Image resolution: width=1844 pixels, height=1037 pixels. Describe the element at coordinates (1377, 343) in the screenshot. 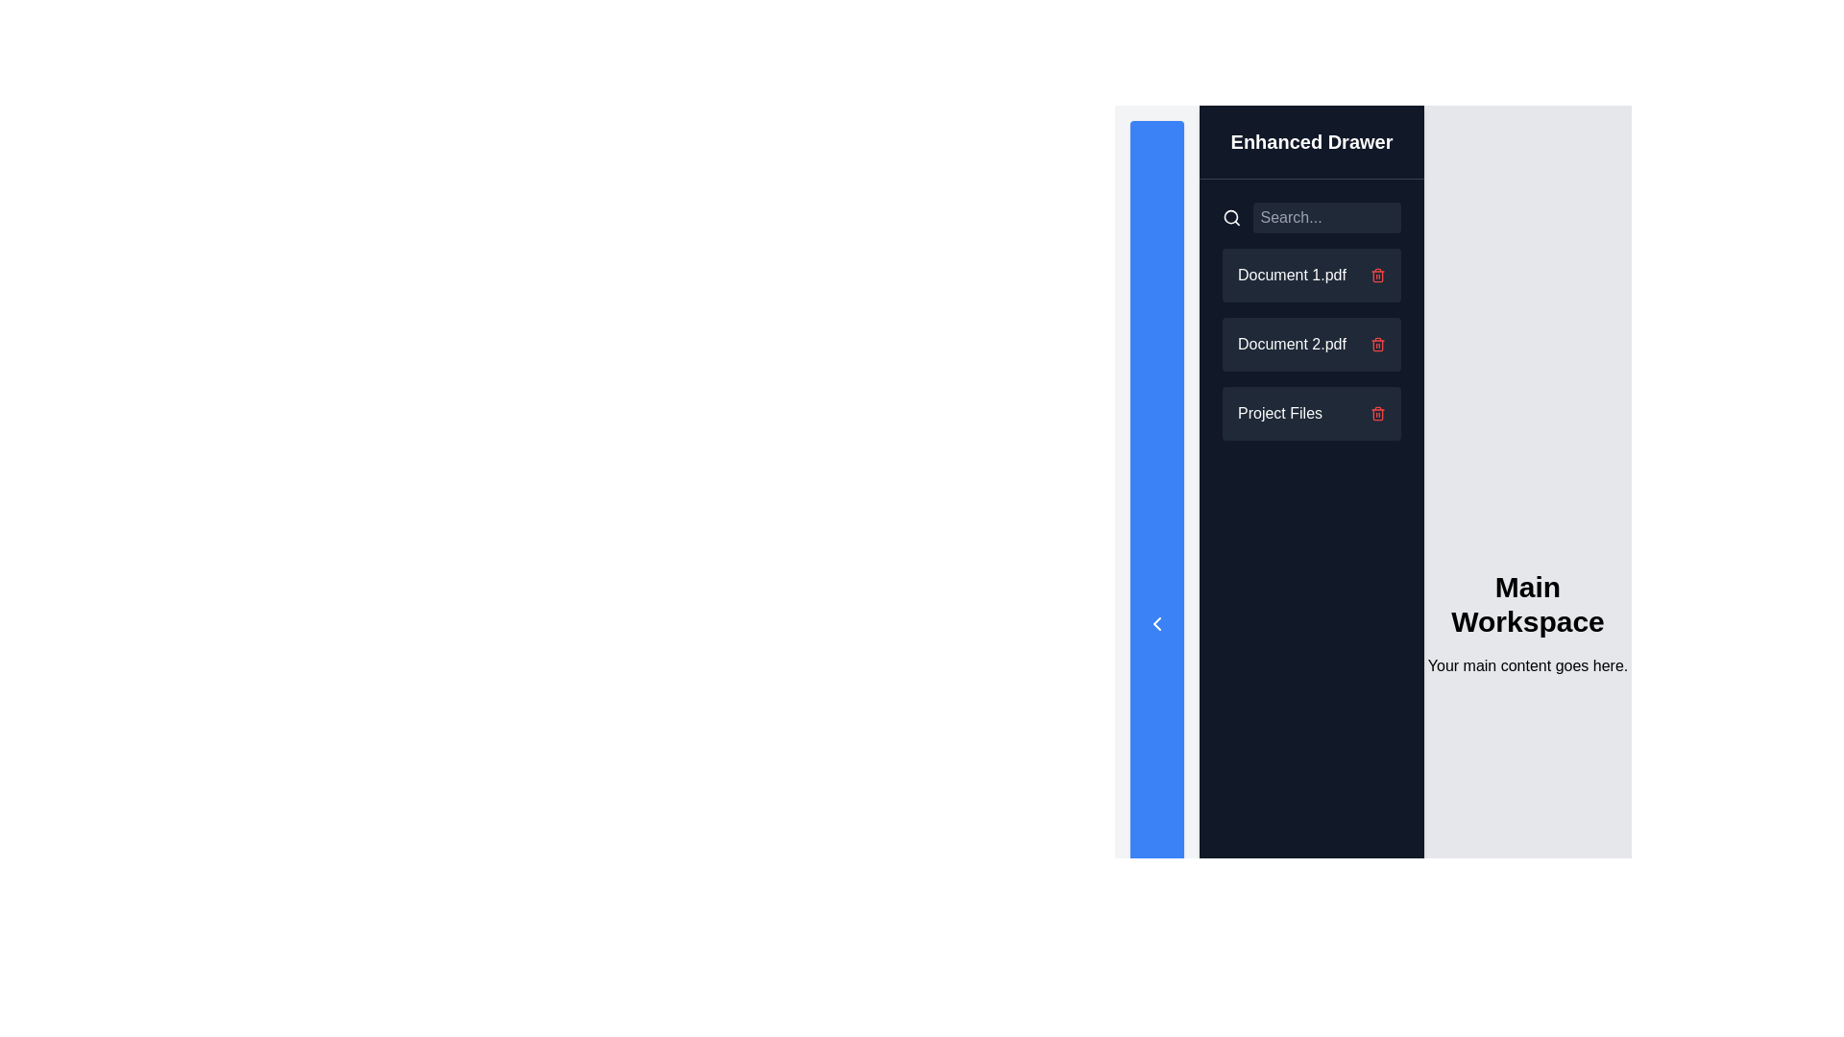

I see `the red trash-bin-shaped icon button located to the right of the 'Document 2.pdf' text in the second row of the 'Enhanced Drawer' panel to observe its hover effect` at that location.